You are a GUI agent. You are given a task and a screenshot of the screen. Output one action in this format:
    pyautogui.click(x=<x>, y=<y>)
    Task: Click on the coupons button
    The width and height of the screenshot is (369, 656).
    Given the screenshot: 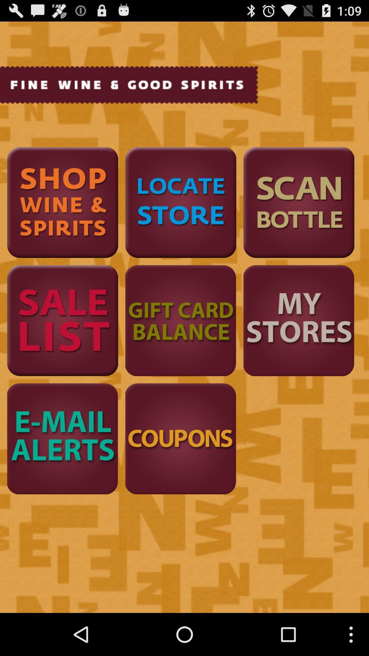 What is the action you would take?
    pyautogui.click(x=180, y=439)
    